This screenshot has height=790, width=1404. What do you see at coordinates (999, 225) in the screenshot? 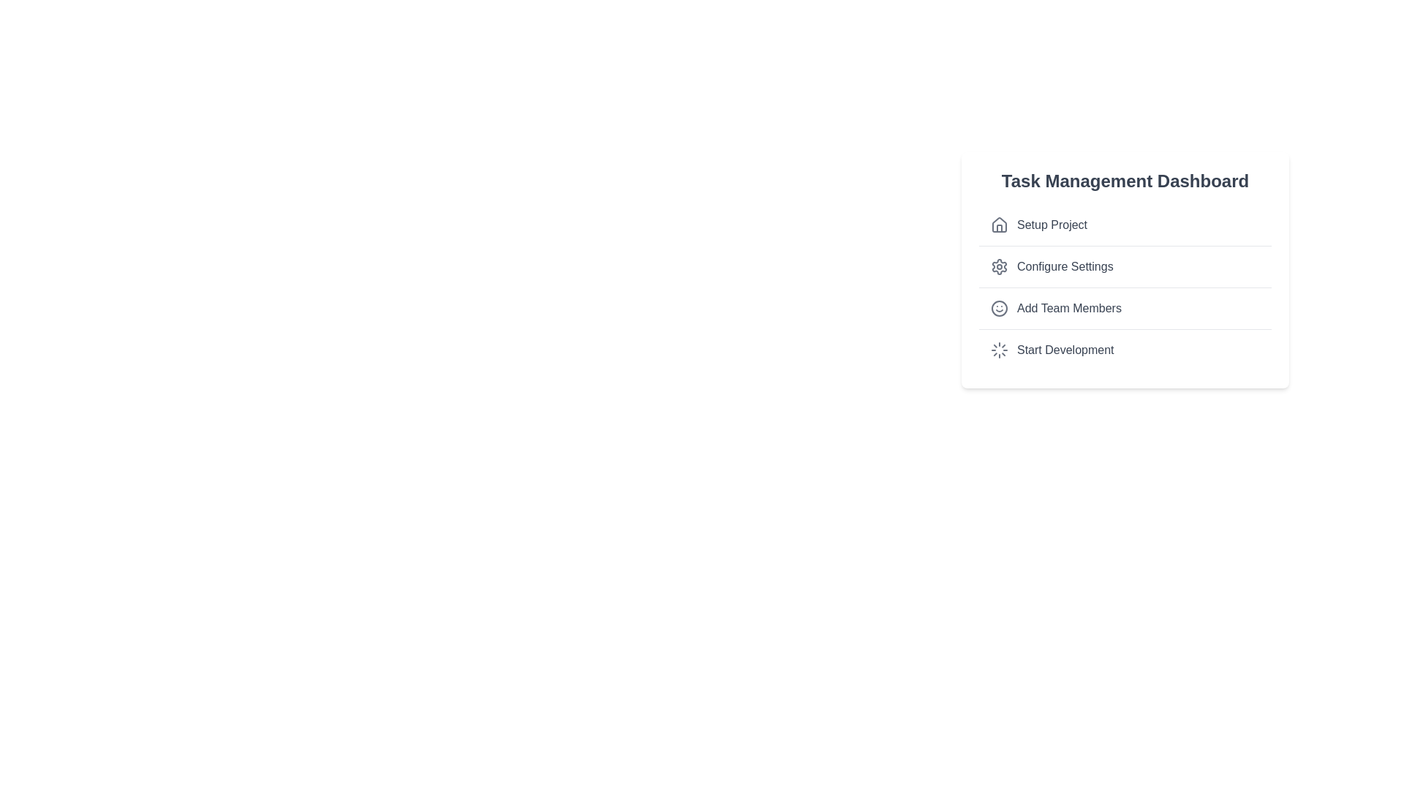
I see `the small house-shaped icon located to the left of the text 'Setup Project'` at bounding box center [999, 225].